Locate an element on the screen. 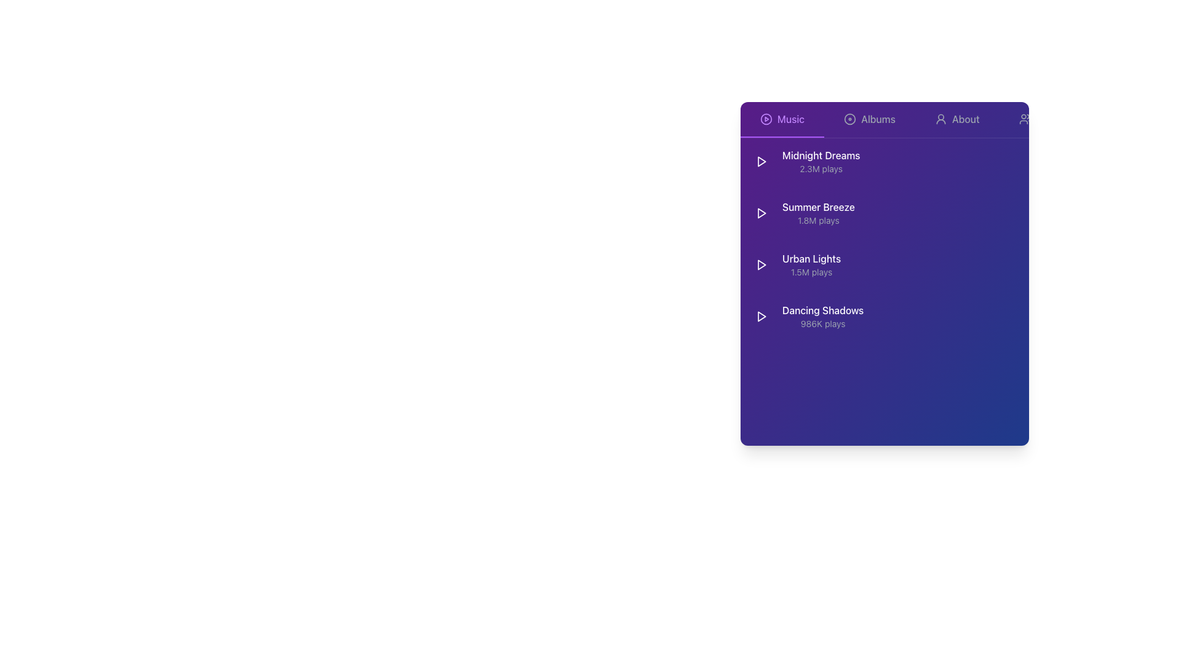 This screenshot has width=1181, height=664. the circular icon located in the purple navigation bar, situated between the 'Music' and 'About' options is located at coordinates (849, 119).